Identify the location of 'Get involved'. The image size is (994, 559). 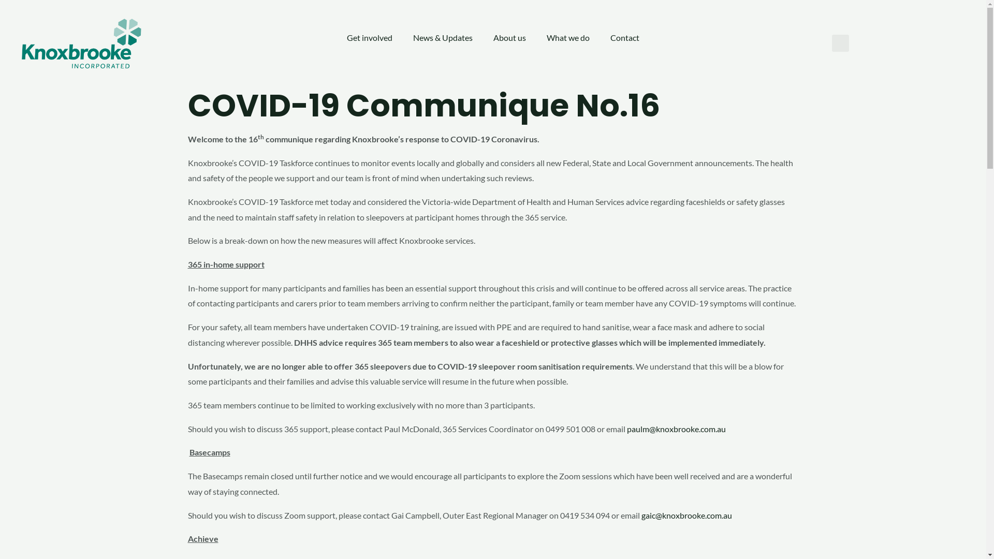
(370, 37).